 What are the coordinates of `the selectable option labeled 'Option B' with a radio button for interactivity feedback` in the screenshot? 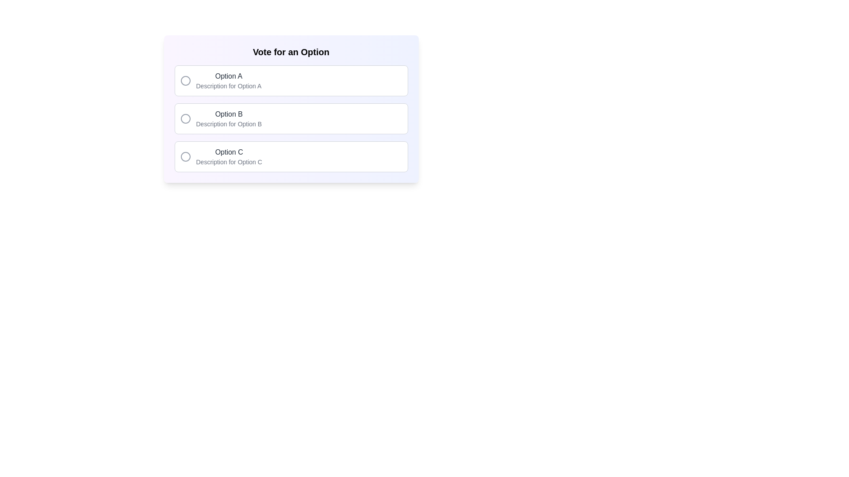 It's located at (291, 118).